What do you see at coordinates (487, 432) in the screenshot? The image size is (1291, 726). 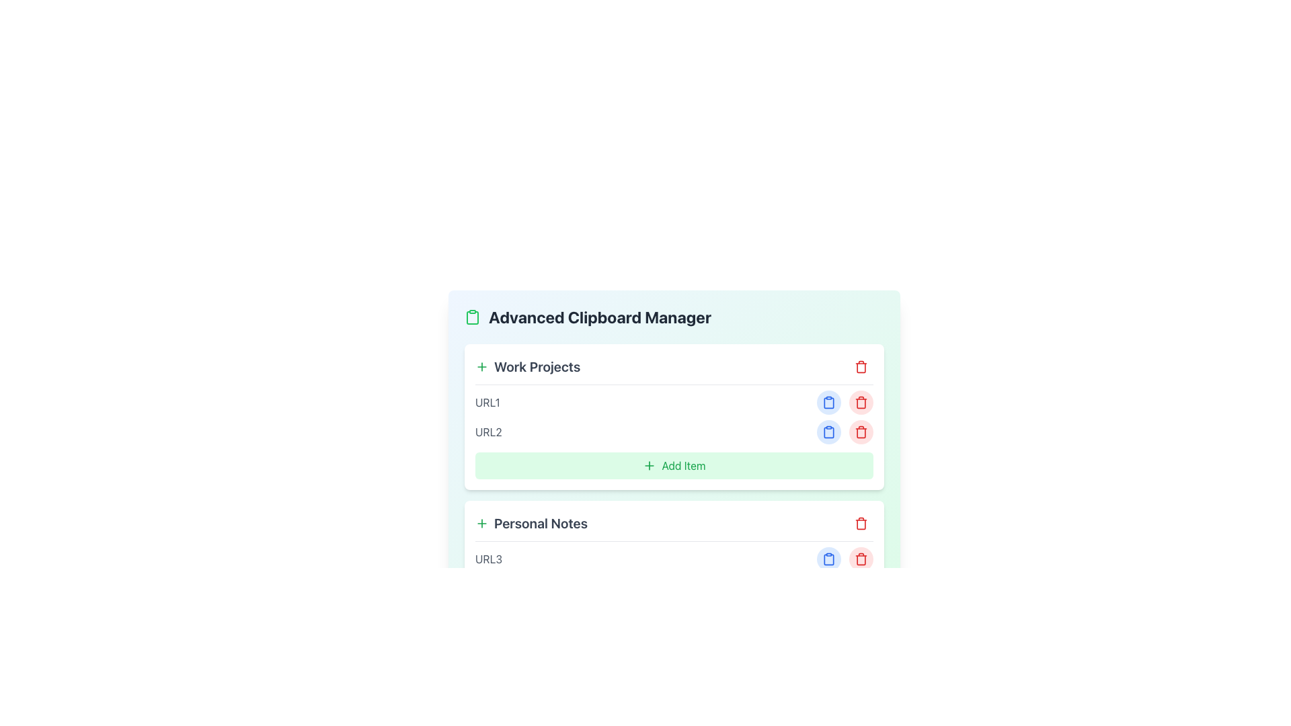 I see `the muted gray label displaying 'URL2' in the 'Work Projects' section, which is the second item in the list and positioned to the left of the interactive icons` at bounding box center [487, 432].